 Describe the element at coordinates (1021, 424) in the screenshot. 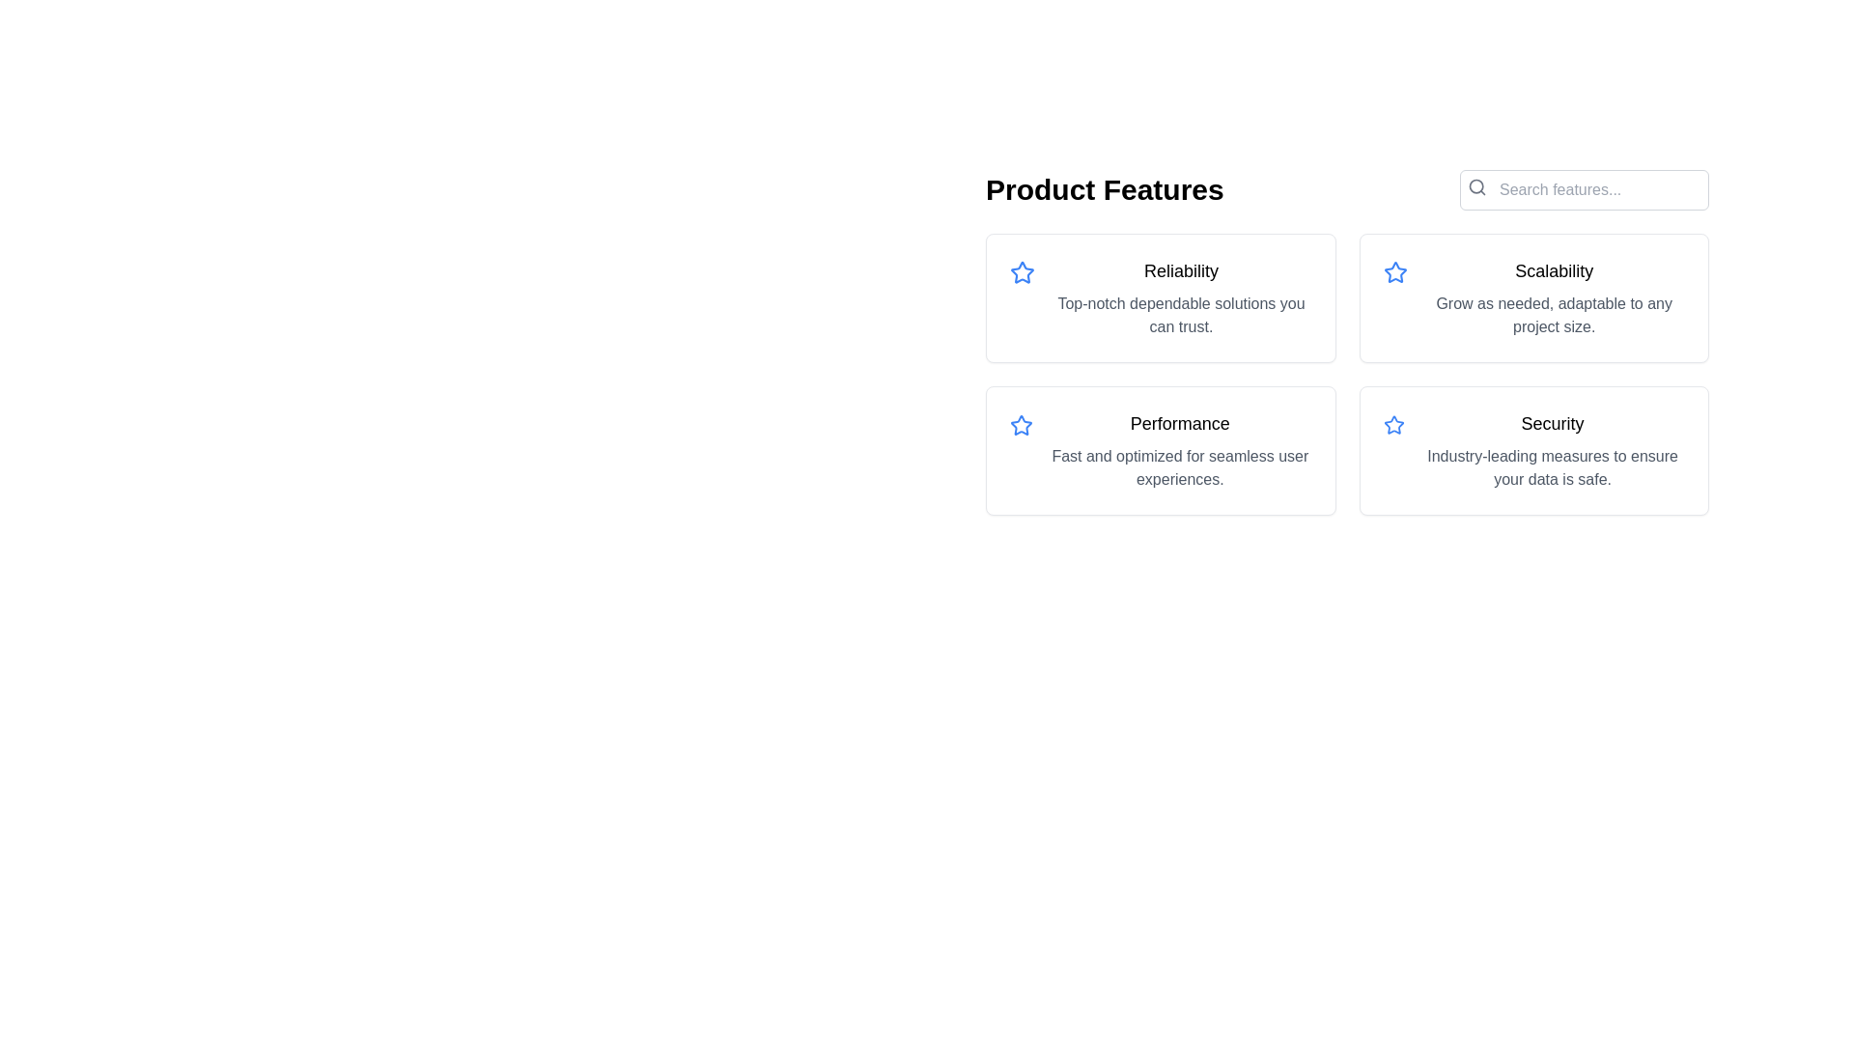

I see `the blue star icon, which is a hollow design located prominently in the 'Performance' card within the 'Product Features' UI section` at that location.